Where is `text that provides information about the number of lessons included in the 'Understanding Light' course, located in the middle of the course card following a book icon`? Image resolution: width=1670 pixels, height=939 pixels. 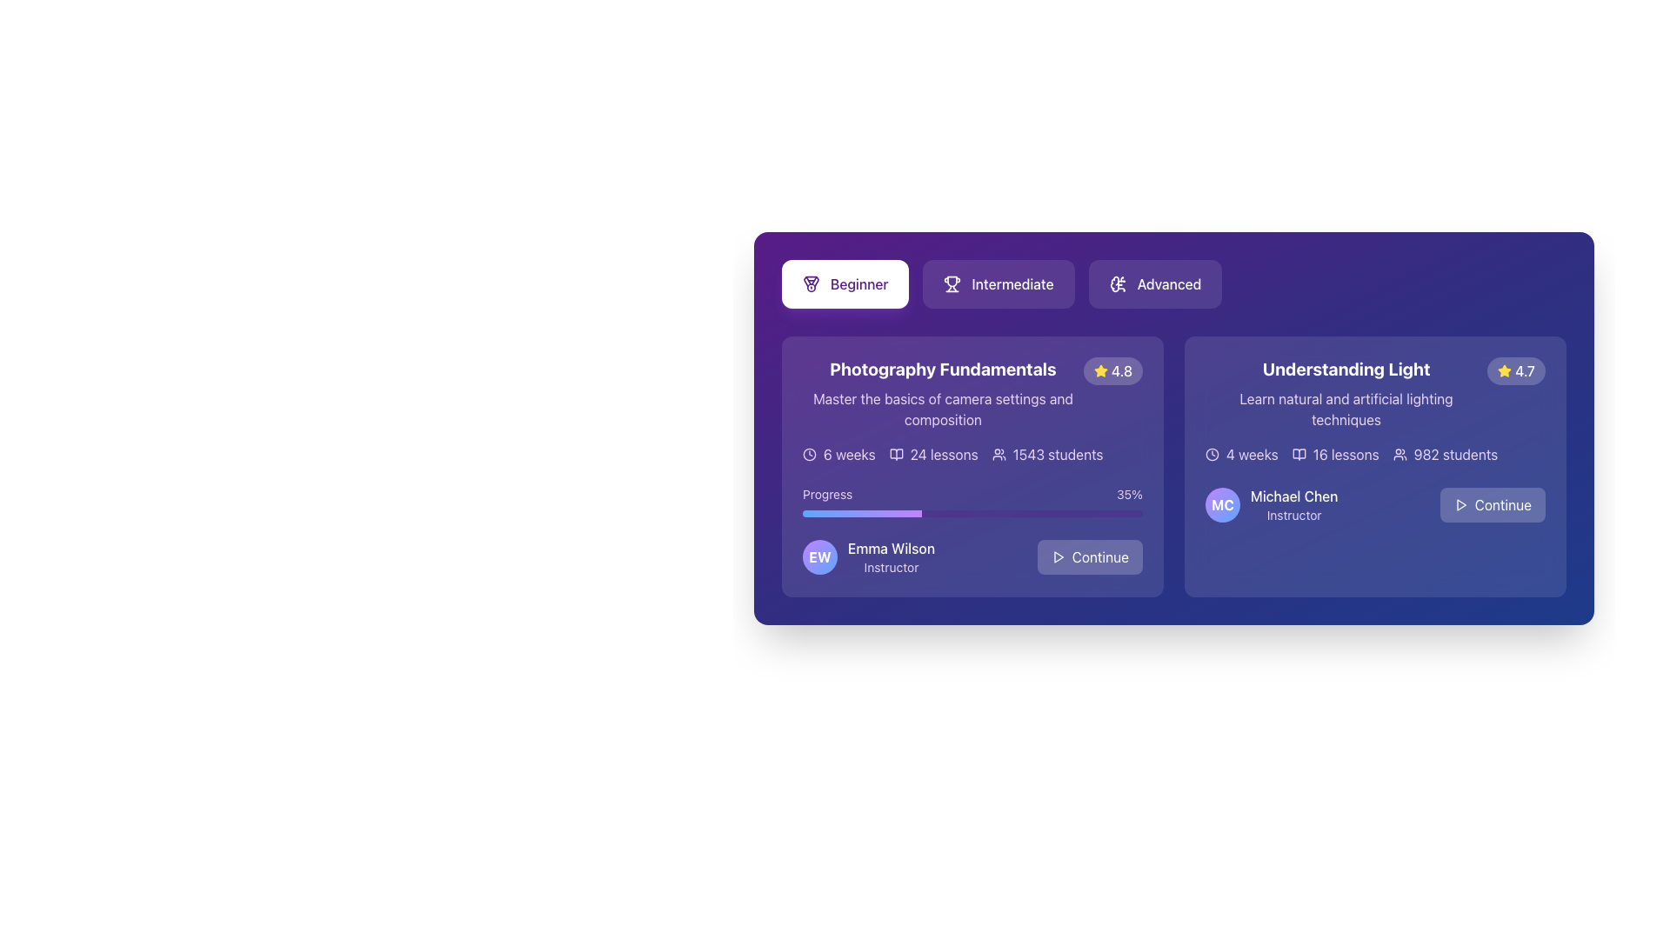
text that provides information about the number of lessons included in the 'Understanding Light' course, located in the middle of the course card following a book icon is located at coordinates (1345, 454).